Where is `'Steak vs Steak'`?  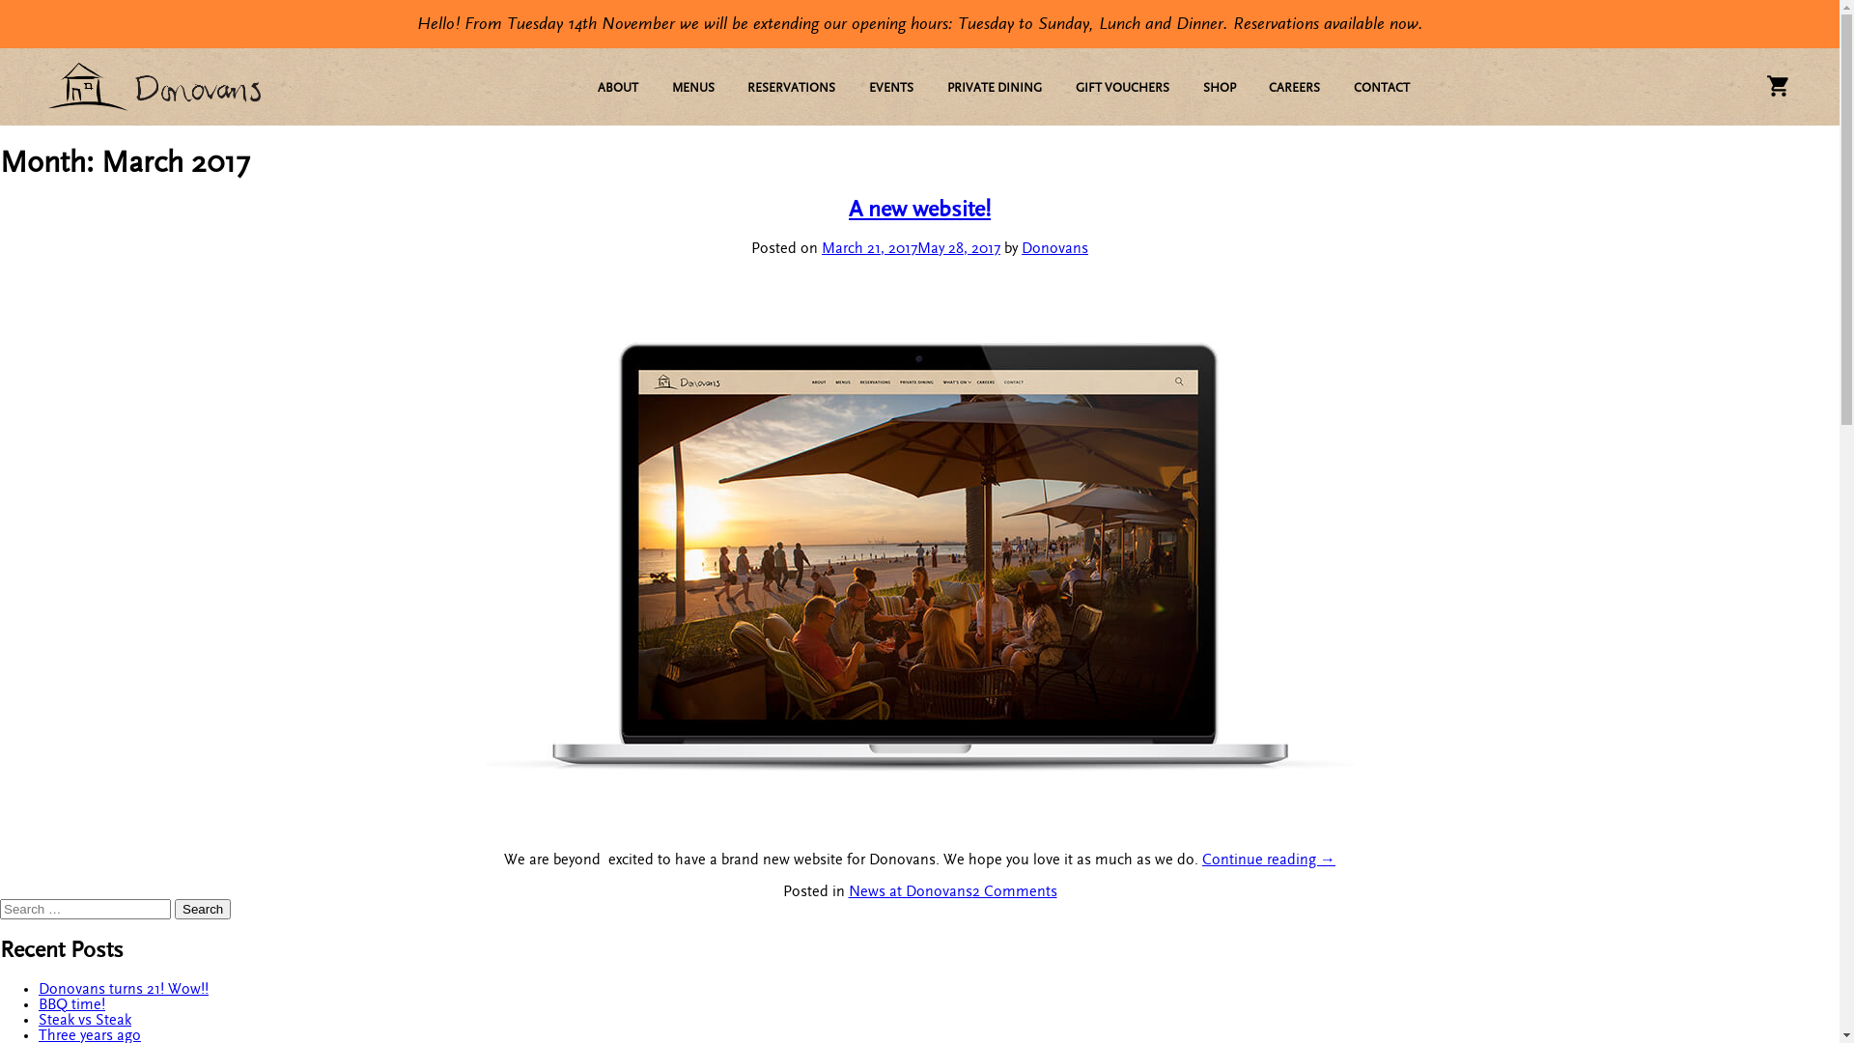
'Steak vs Steak' is located at coordinates (83, 1019).